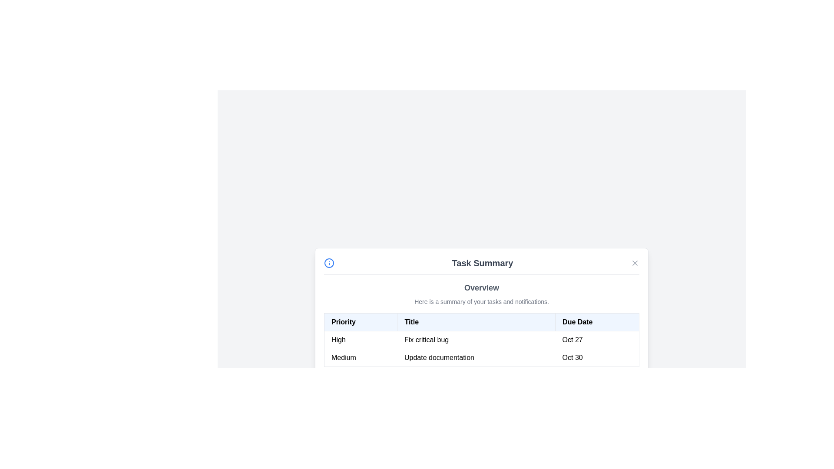  What do you see at coordinates (635, 262) in the screenshot?
I see `the Close button icon located in the top-right corner of the modal dialog` at bounding box center [635, 262].